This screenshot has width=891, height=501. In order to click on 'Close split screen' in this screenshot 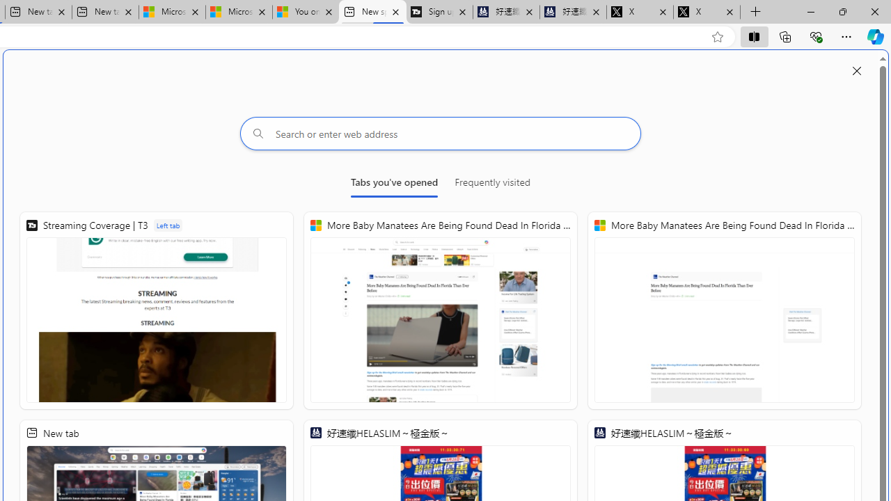, I will do `click(856, 71)`.